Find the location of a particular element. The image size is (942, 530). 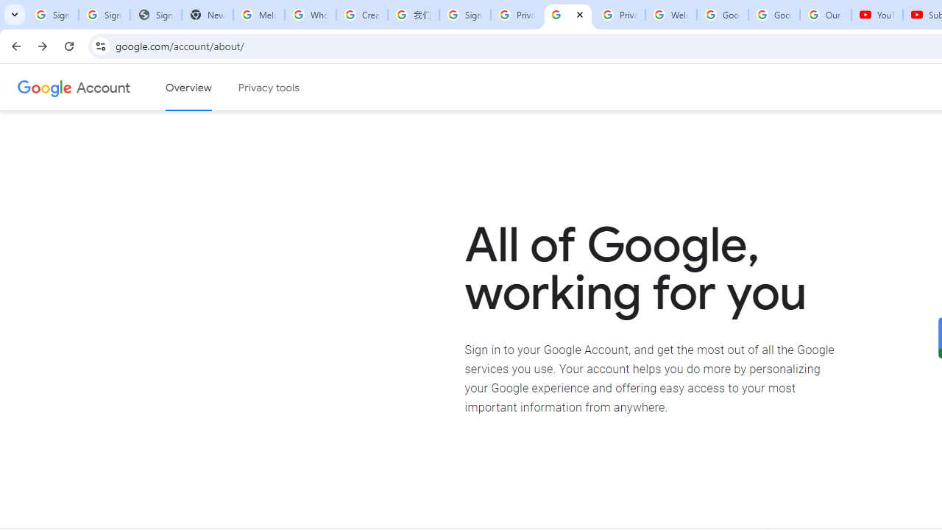

'YouTube' is located at coordinates (877, 15).